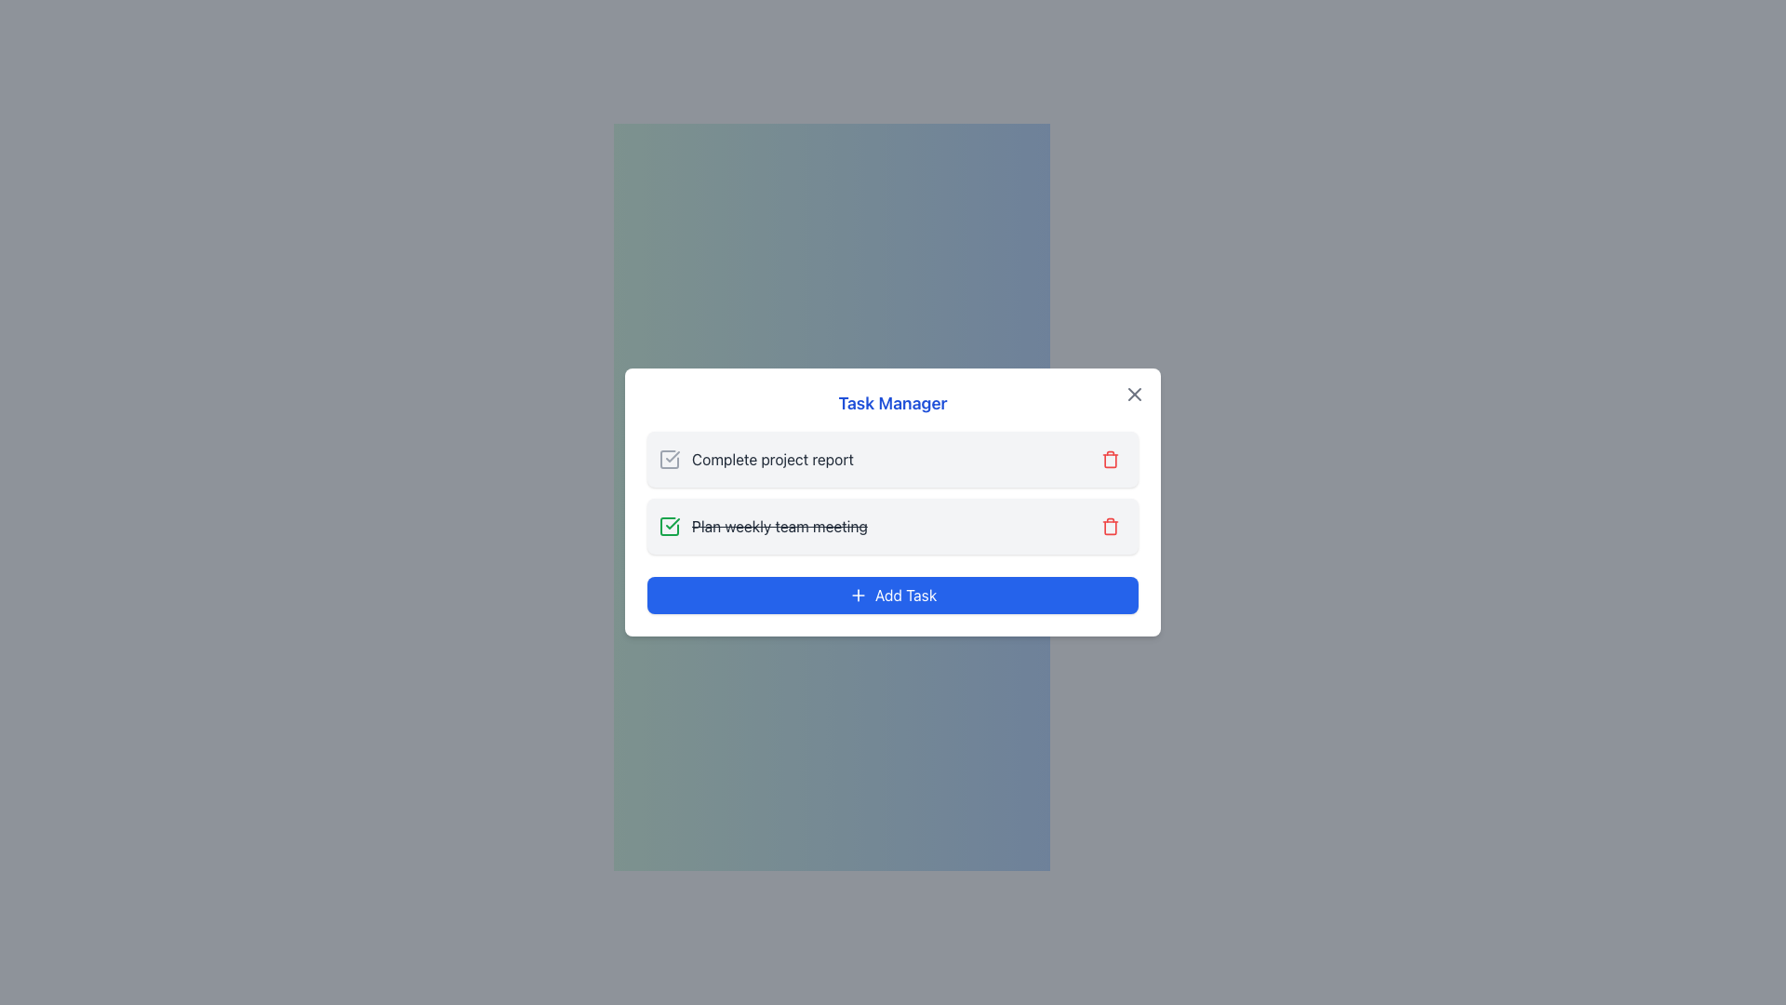 This screenshot has width=1786, height=1005. What do you see at coordinates (670, 527) in the screenshot?
I see `the checkbox component styled as a square with rounded corners, located to the left of the text 'Plan weekly team meeting'` at bounding box center [670, 527].